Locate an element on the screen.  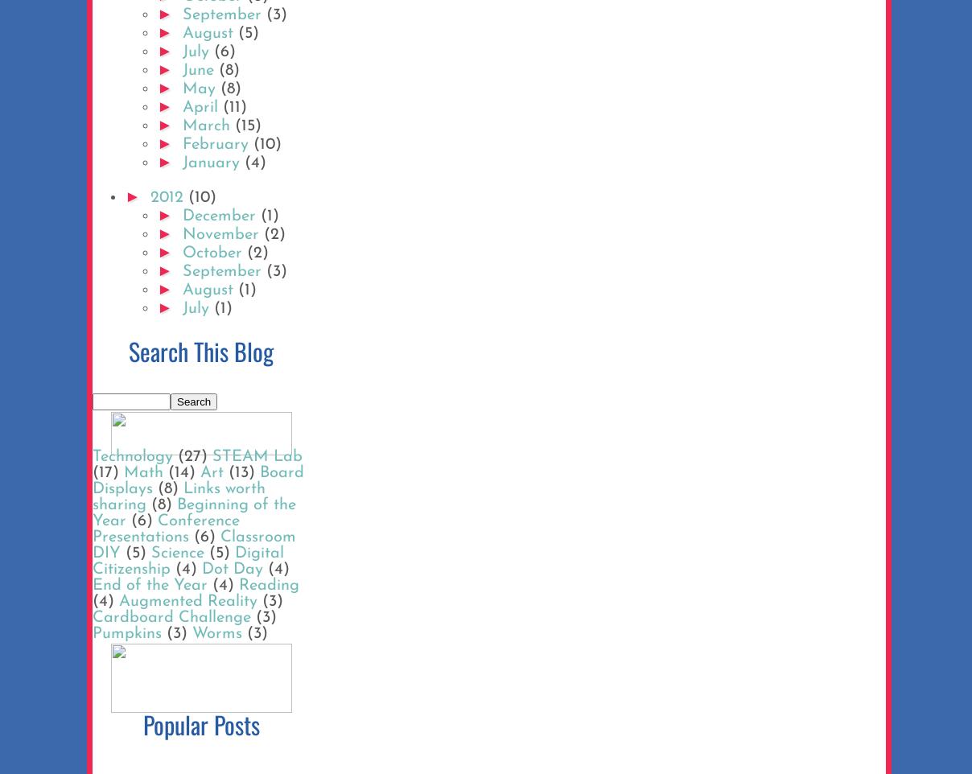
'End of the Year' is located at coordinates (92, 586).